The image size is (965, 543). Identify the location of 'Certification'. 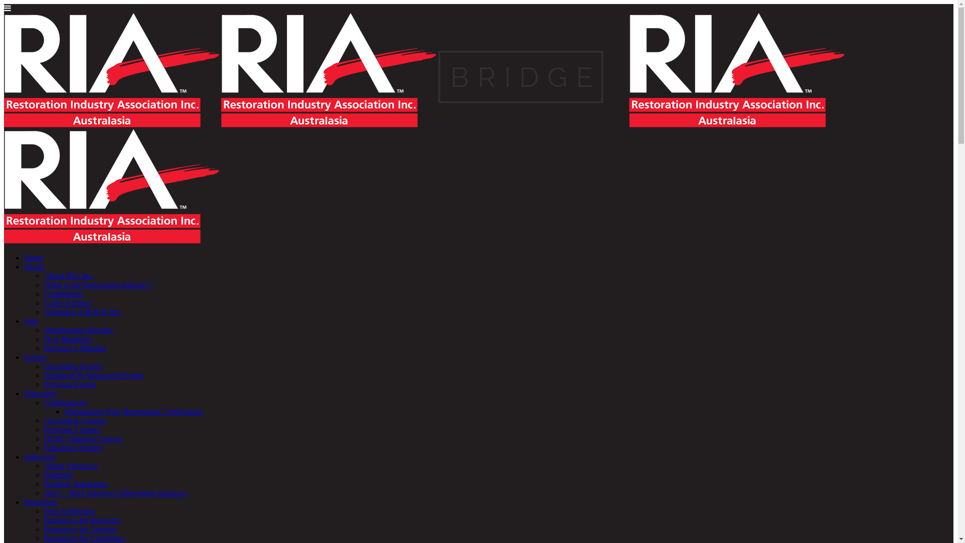
(43, 402).